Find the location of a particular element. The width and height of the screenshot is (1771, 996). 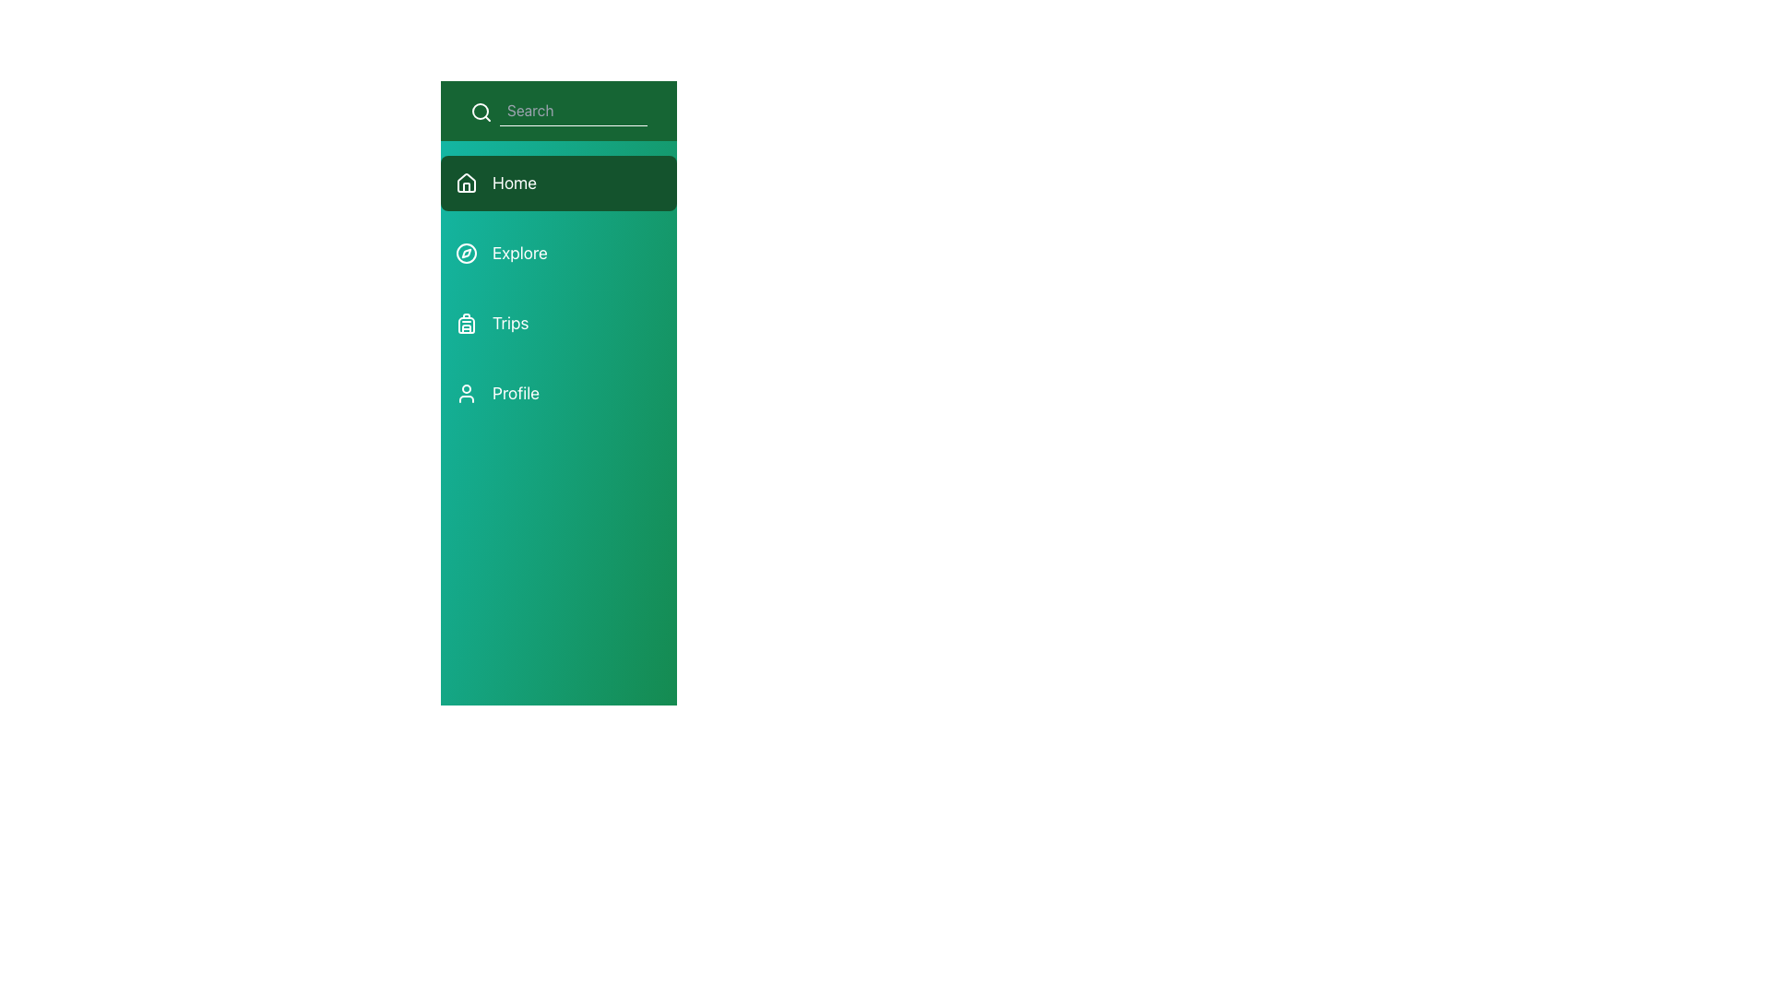

the backpack icon located within the 'Trips' menu item on the sidebar, which is third from the top and positioned to the left of the 'Trips' label is located at coordinates (466, 325).